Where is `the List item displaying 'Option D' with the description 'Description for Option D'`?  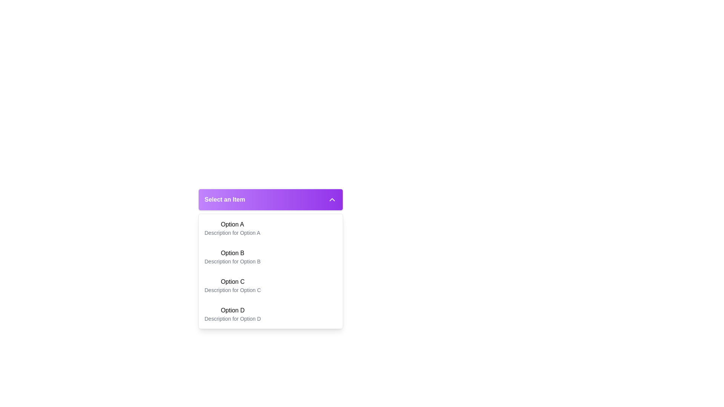 the List item displaying 'Option D' with the description 'Description for Option D' is located at coordinates (232, 314).